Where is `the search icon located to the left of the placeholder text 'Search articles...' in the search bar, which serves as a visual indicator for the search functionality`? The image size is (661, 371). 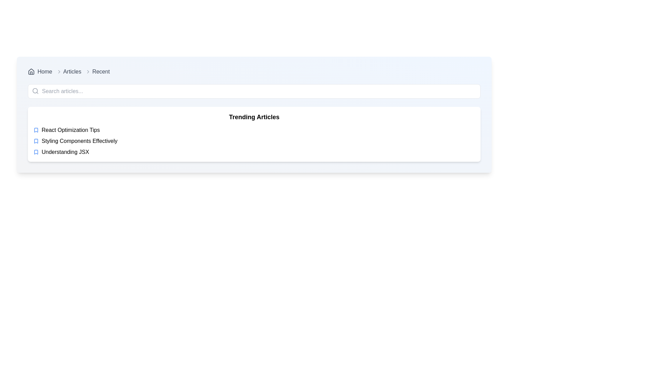
the search icon located to the left of the placeholder text 'Search articles...' in the search bar, which serves as a visual indicator for the search functionality is located at coordinates (35, 91).